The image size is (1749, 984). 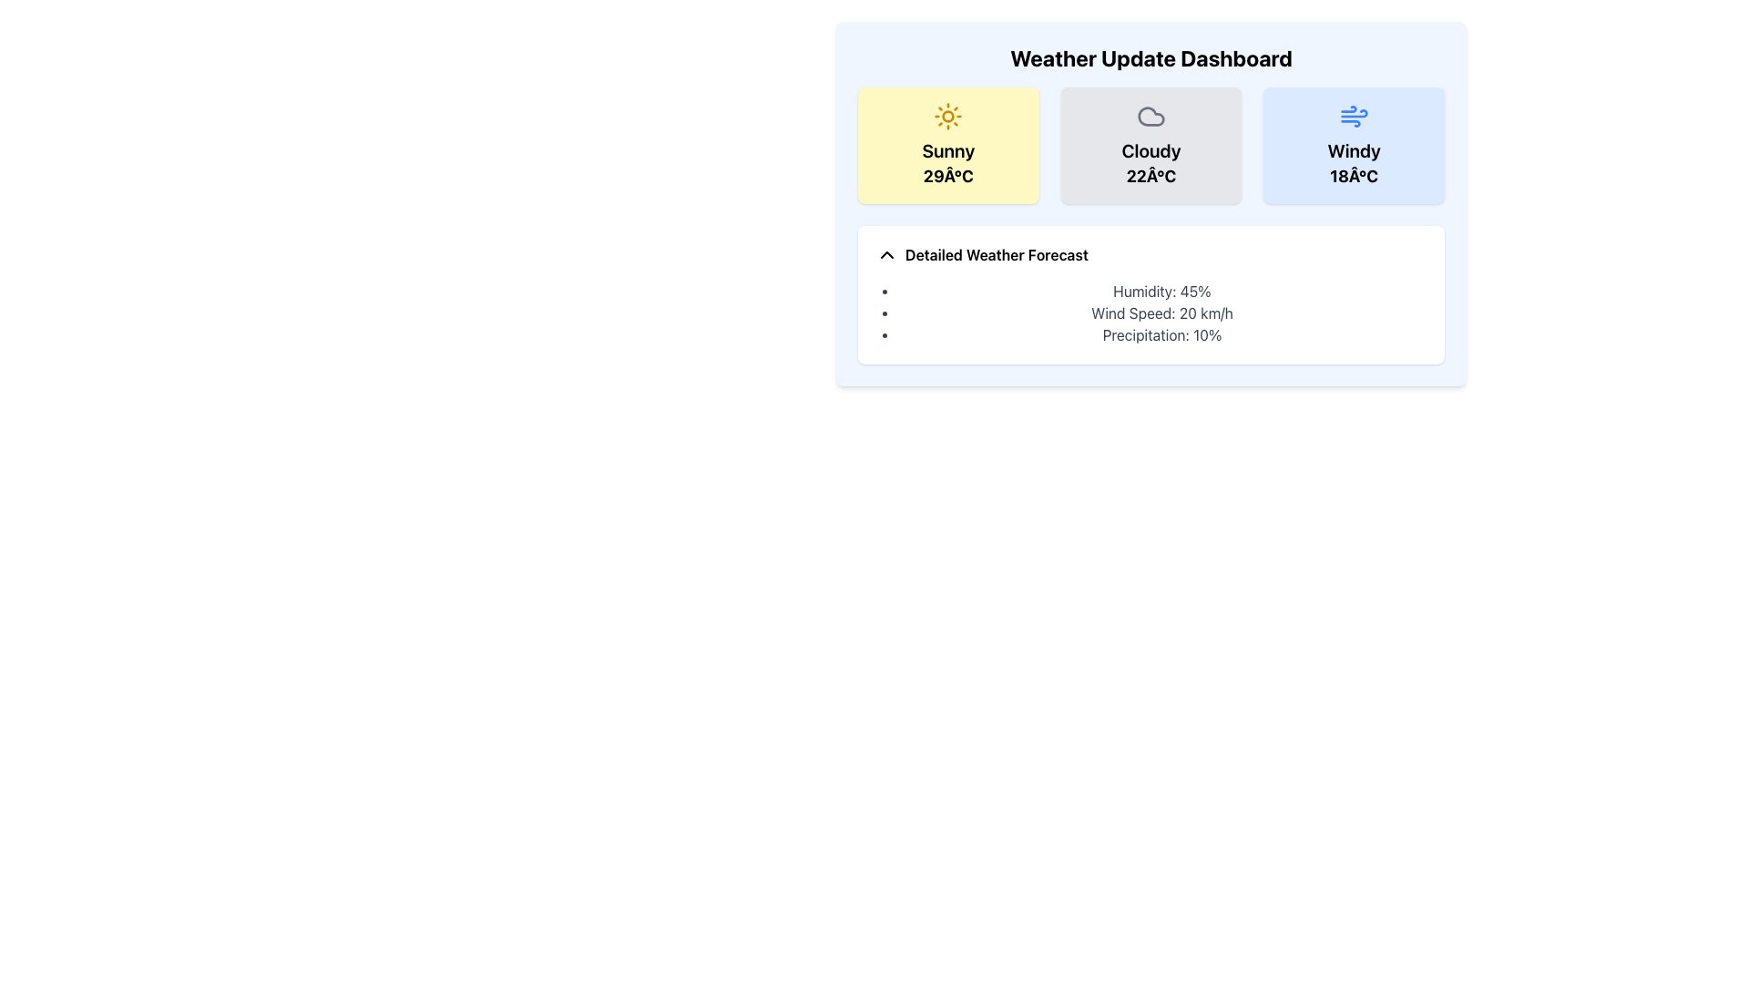 I want to click on the Text Label displaying '18Â°C' in bold font, which is located below the 'Windy' label within the third weather card on the far-right side of the 'Weather Update Dashboard', so click(x=1354, y=176).